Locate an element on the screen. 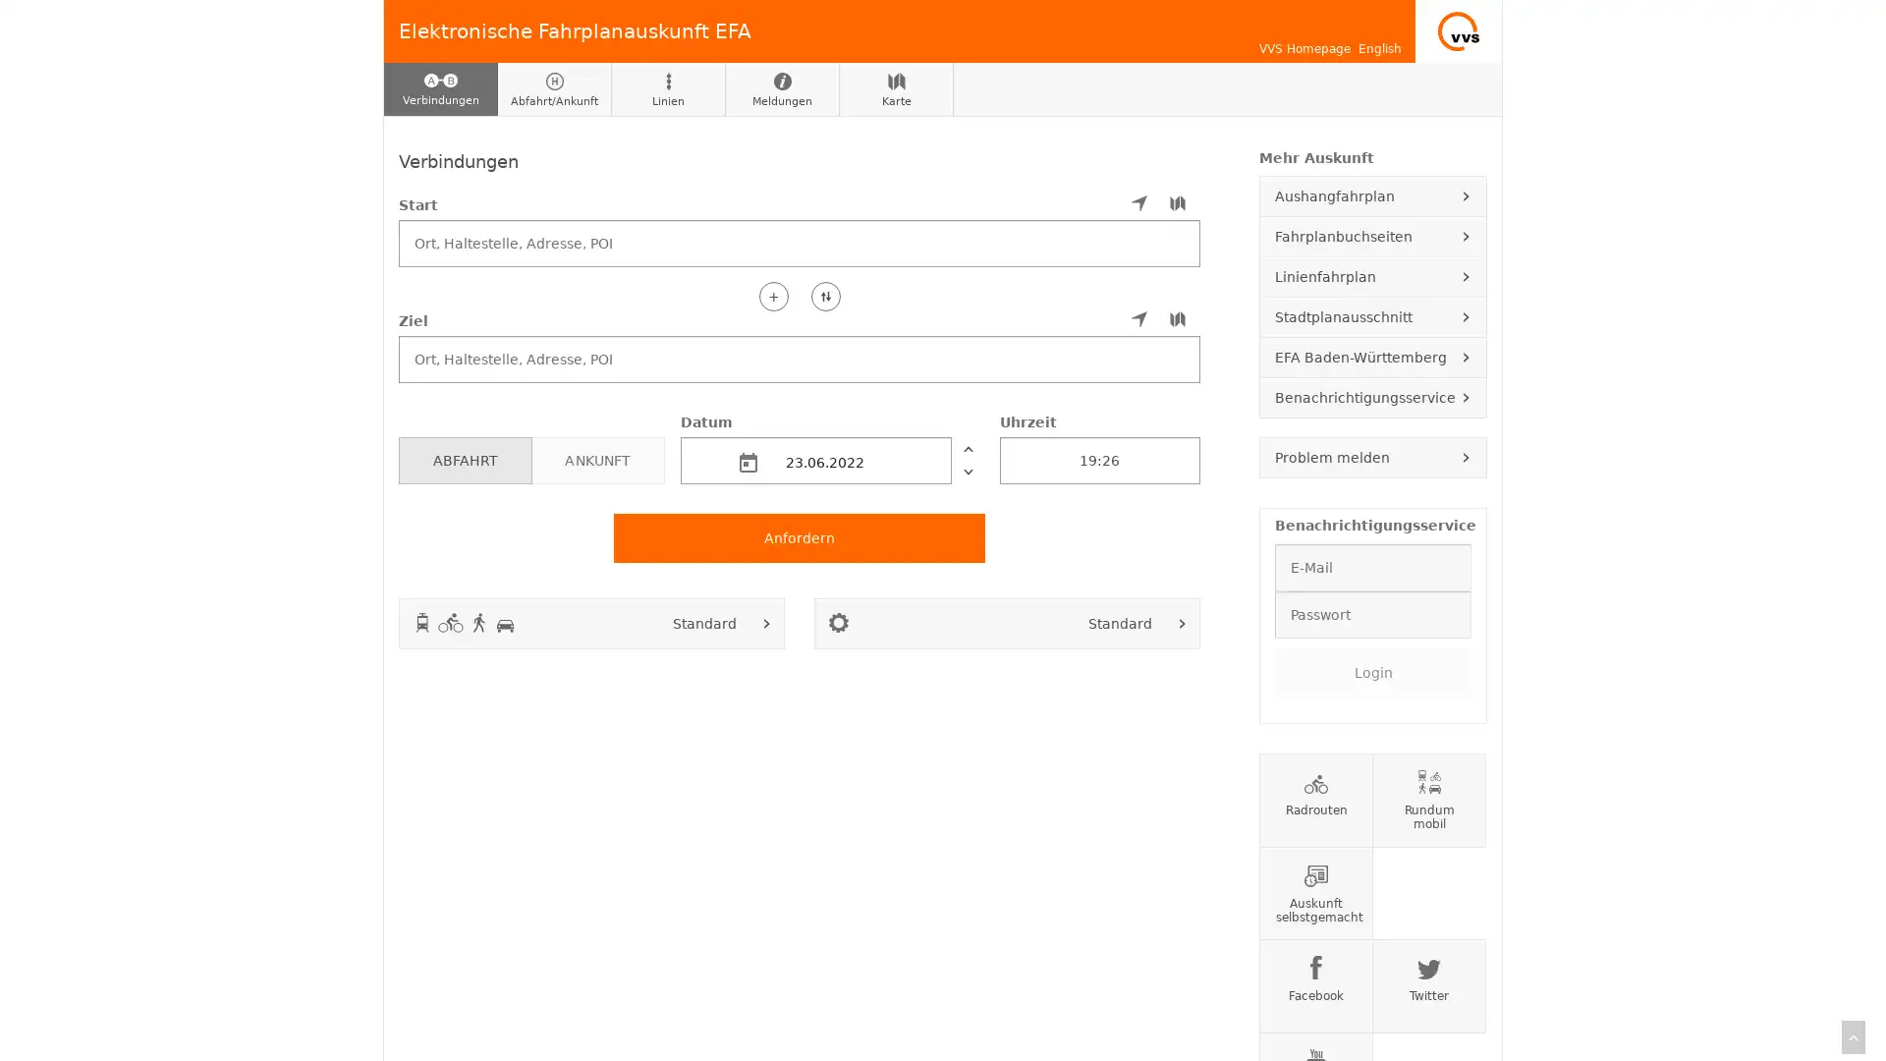  + is located at coordinates (772, 295).